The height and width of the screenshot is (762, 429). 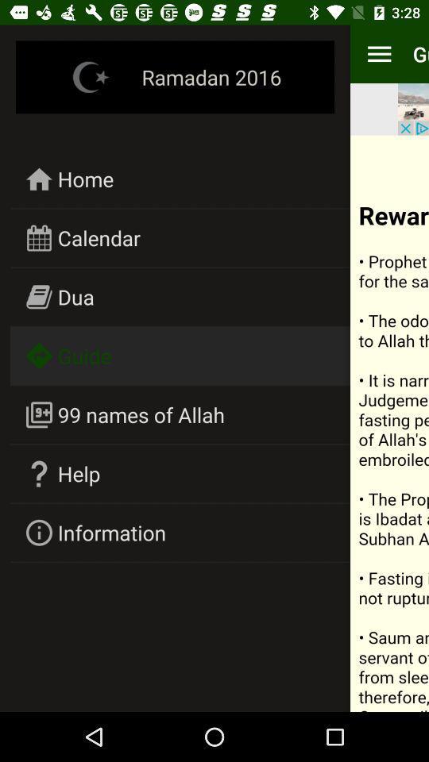 What do you see at coordinates (78, 473) in the screenshot?
I see `icon above information icon` at bounding box center [78, 473].